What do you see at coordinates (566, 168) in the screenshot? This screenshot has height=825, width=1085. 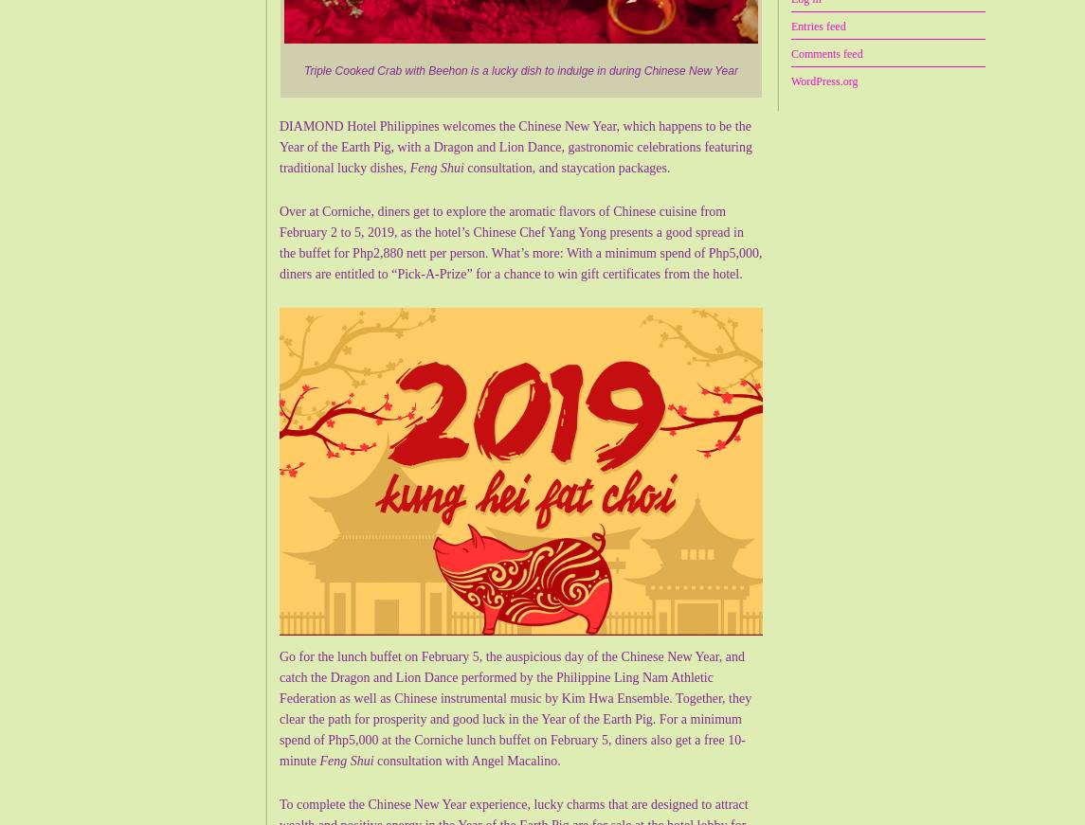 I see `'consultation, and staycation packages.'` at bounding box center [566, 168].